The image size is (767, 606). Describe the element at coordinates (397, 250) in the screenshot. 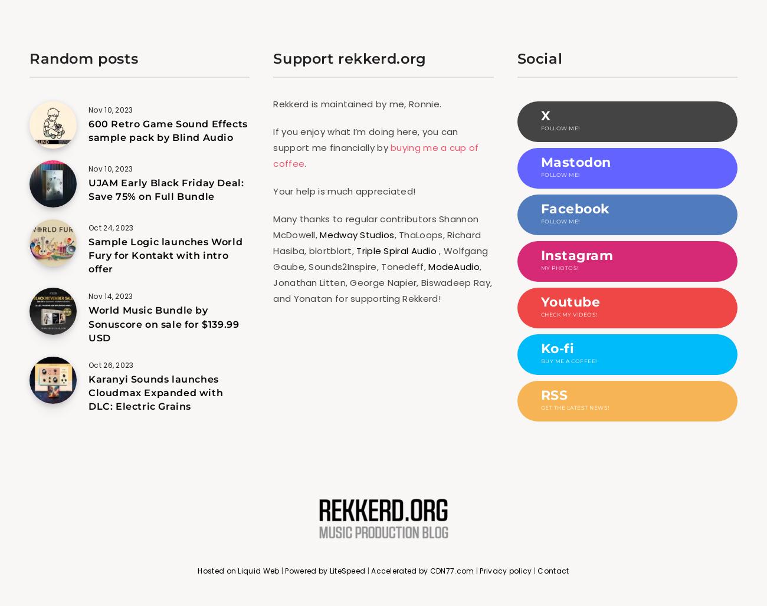

I see `'Triple Spiral Audio'` at that location.